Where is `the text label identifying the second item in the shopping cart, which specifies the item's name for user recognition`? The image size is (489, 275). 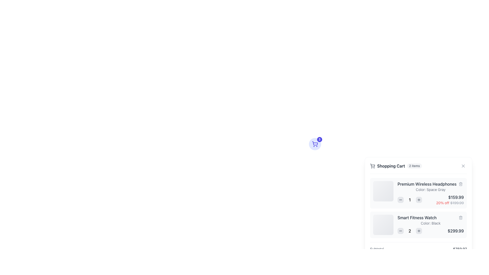 the text label identifying the second item in the shopping cart, which specifies the item's name for user recognition is located at coordinates (430, 218).